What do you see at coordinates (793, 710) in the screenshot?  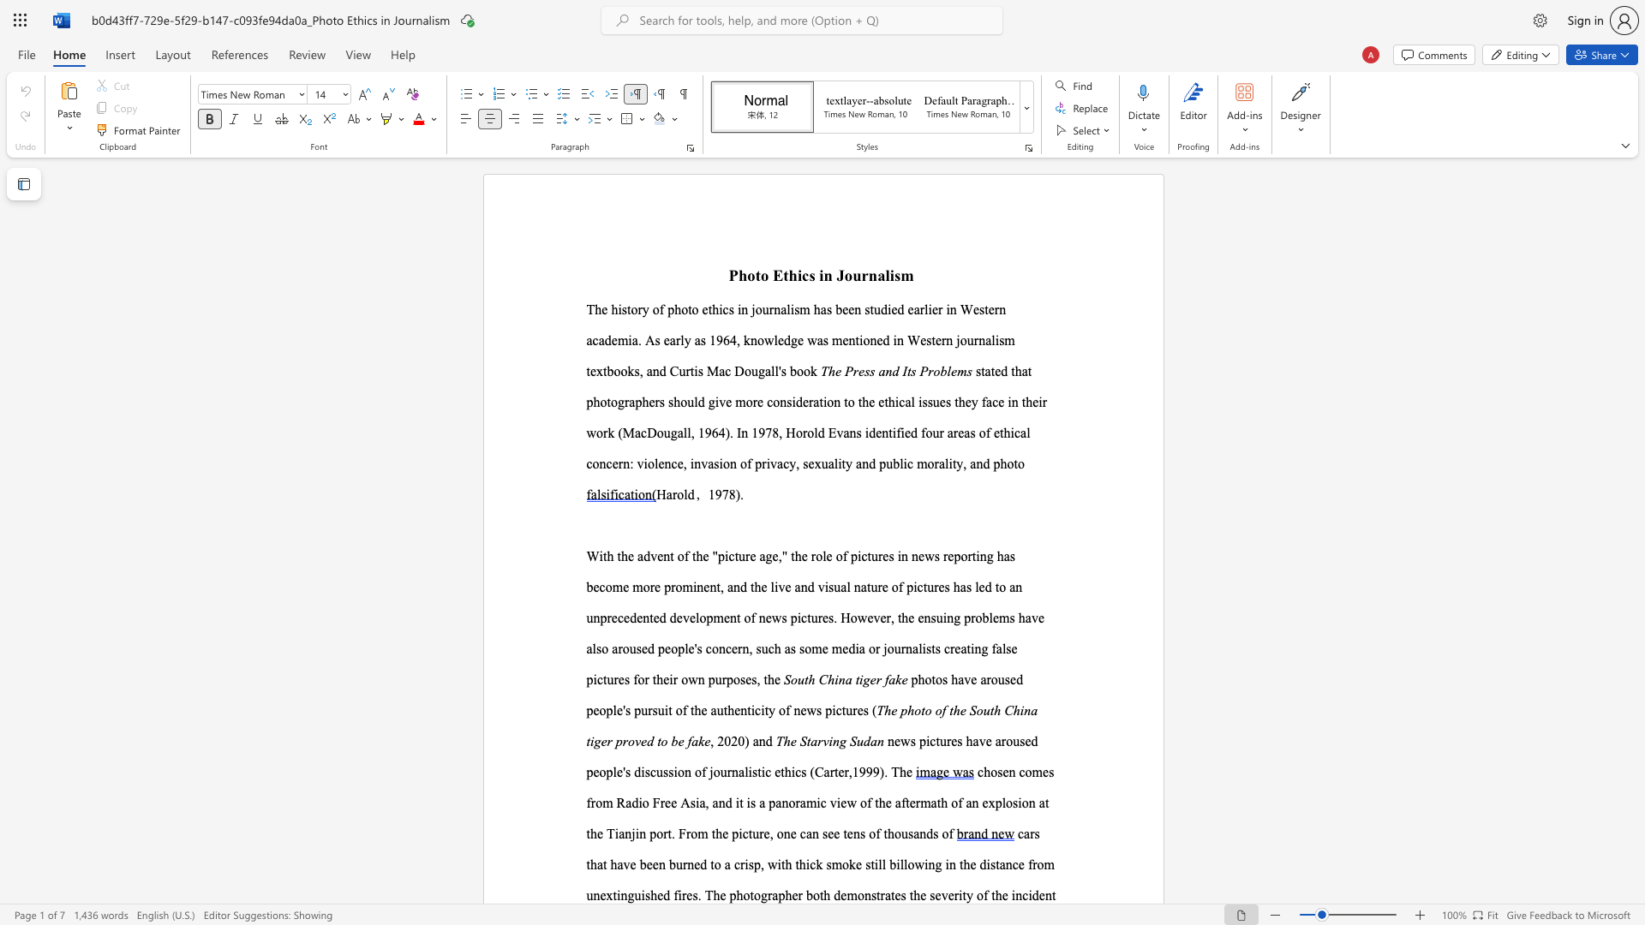 I see `the subset text "news pi" within the text "photos have aroused people"` at bounding box center [793, 710].